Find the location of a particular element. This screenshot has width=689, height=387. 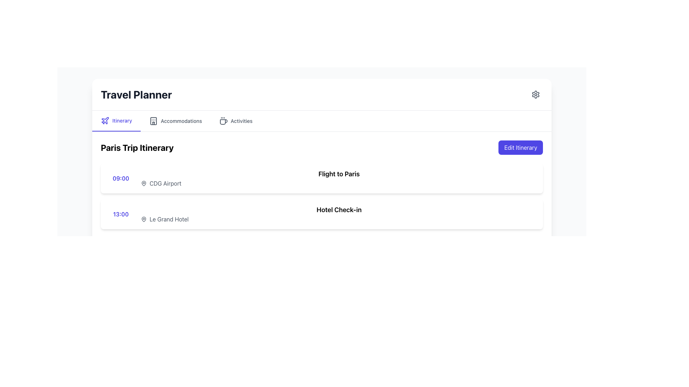

the 'Accommodations' button with a hotel icon in the navigation bar is located at coordinates (175, 121).